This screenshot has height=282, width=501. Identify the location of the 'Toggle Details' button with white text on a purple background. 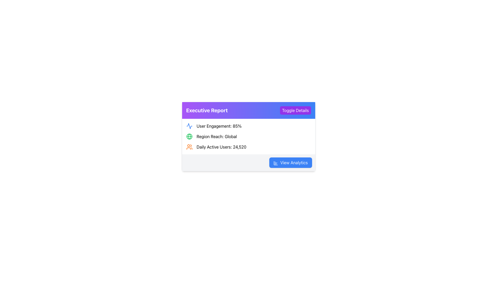
(295, 110).